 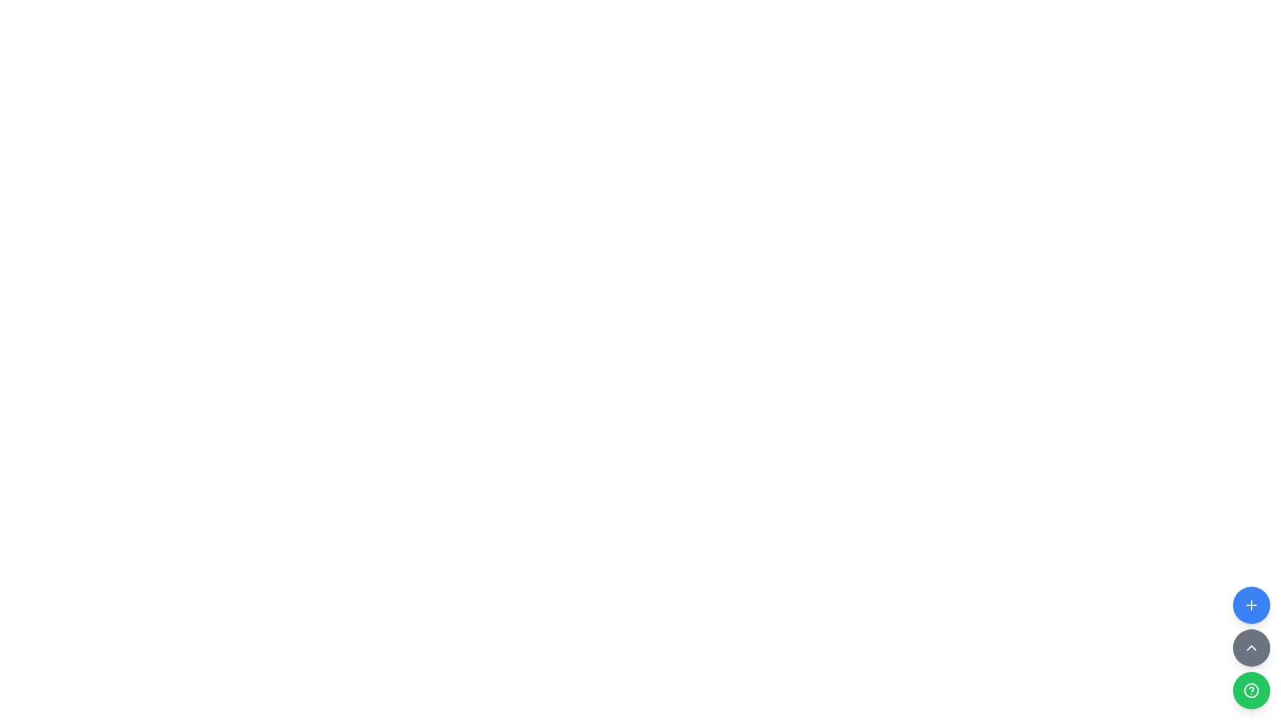 I want to click on the help icon located at the bottom-right corner of the interface, so click(x=1251, y=690).